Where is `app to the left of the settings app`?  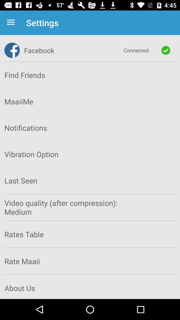 app to the left of the settings app is located at coordinates (12, 23).